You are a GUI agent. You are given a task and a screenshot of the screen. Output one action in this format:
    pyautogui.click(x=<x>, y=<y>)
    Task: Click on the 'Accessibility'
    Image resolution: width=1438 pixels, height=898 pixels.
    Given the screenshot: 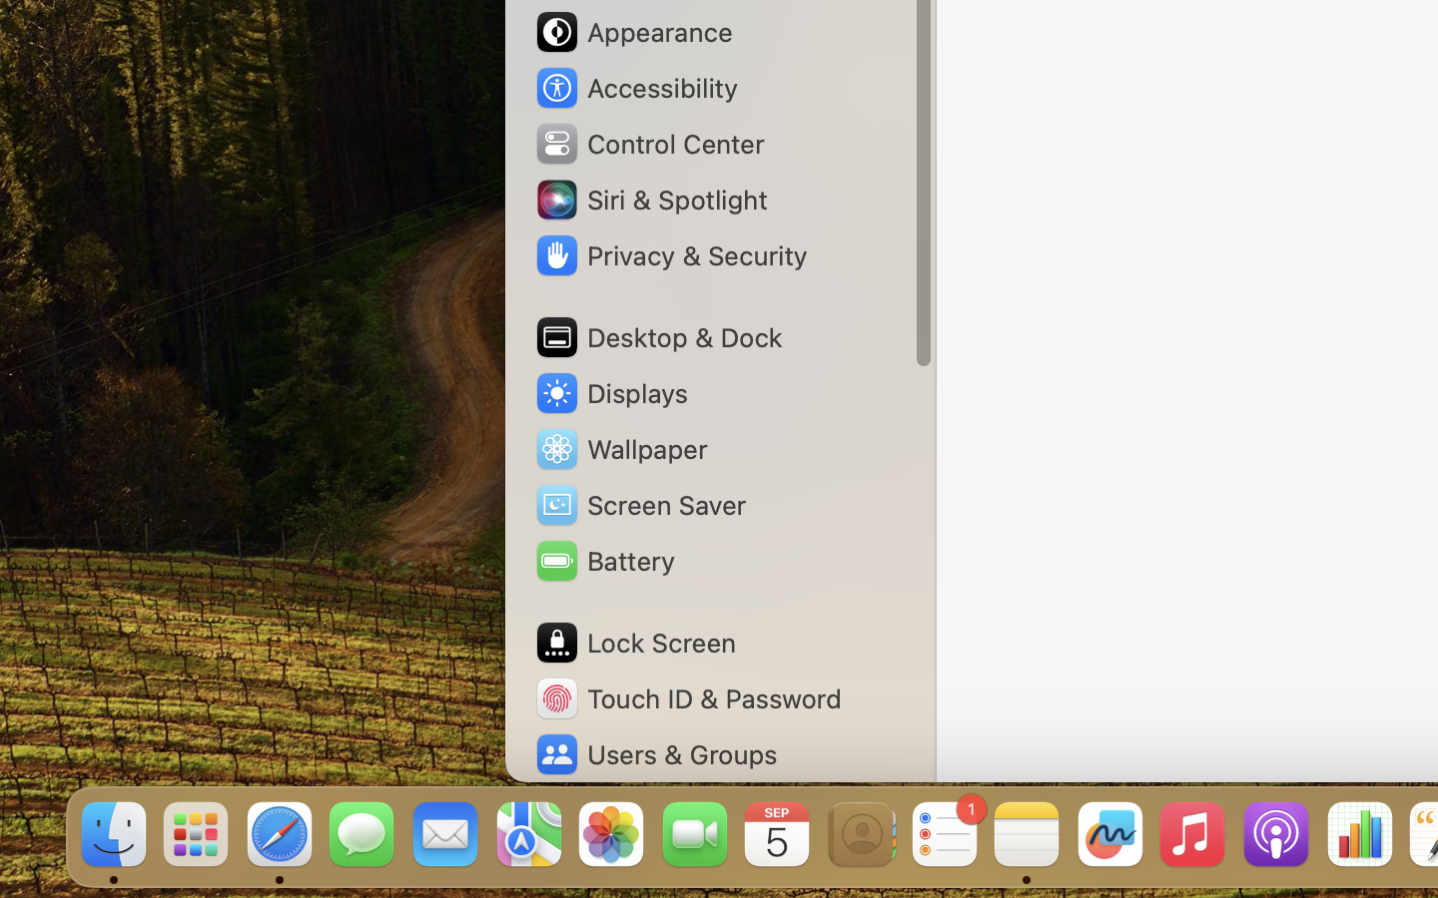 What is the action you would take?
    pyautogui.click(x=635, y=87)
    